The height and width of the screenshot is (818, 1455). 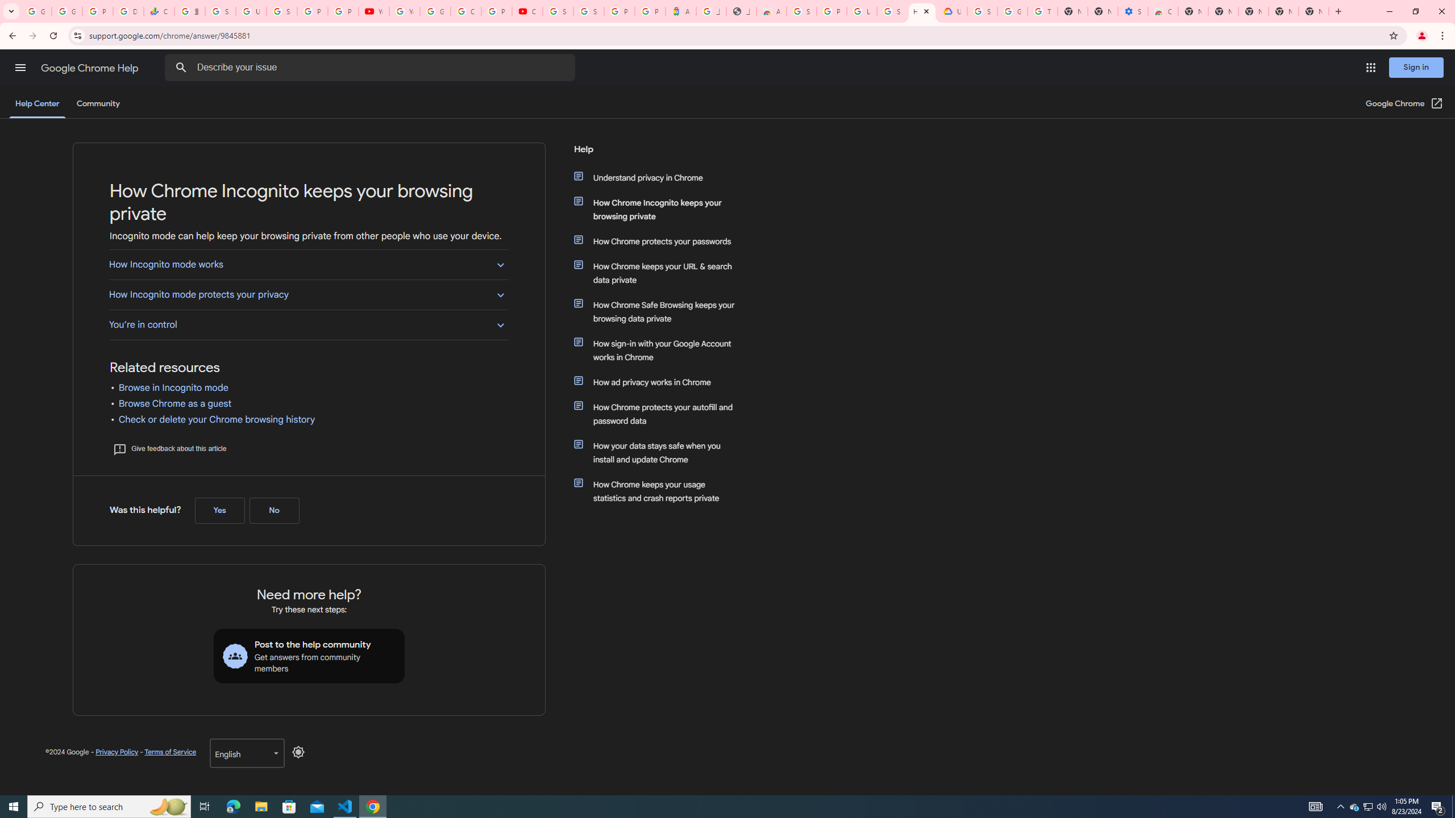 What do you see at coordinates (660, 209) in the screenshot?
I see `'How Chrome Incognito keeps your browsing private'` at bounding box center [660, 209].